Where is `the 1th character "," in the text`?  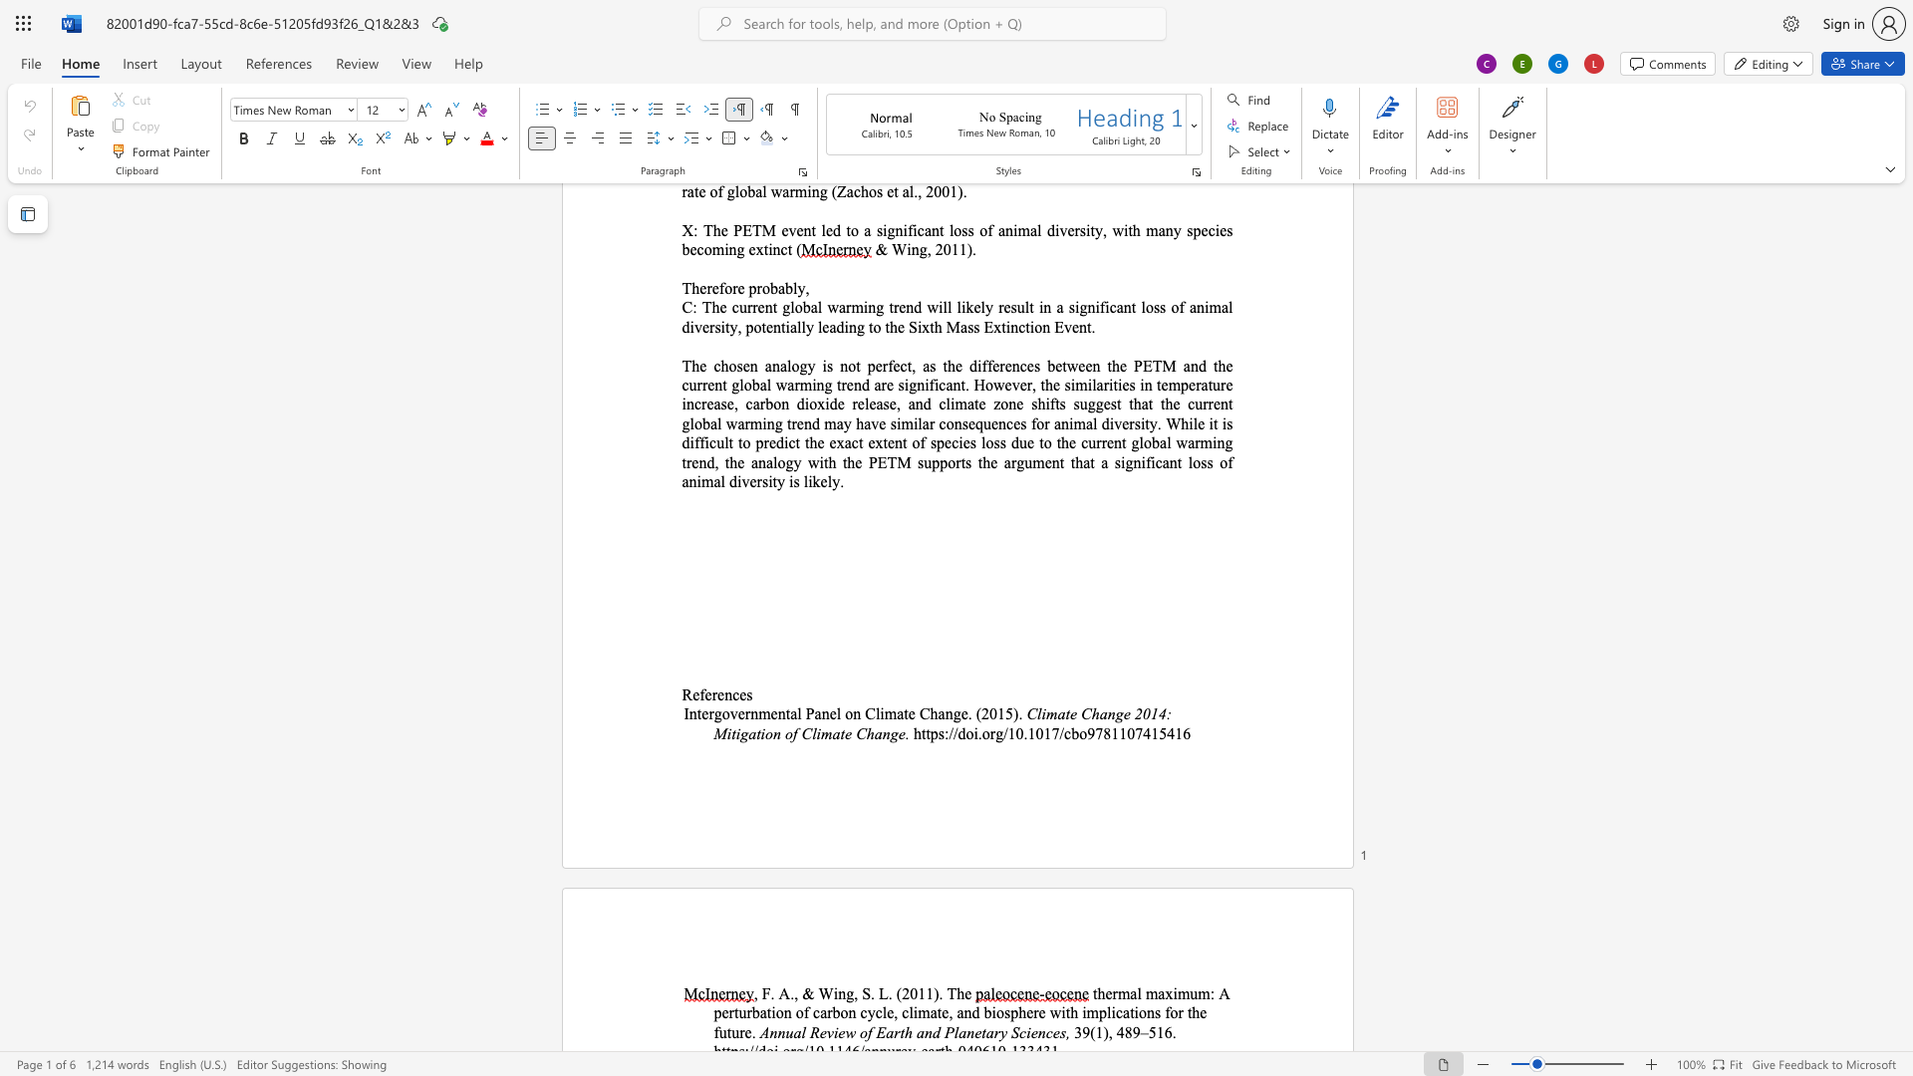 the 1th character "," in the text is located at coordinates (754, 993).